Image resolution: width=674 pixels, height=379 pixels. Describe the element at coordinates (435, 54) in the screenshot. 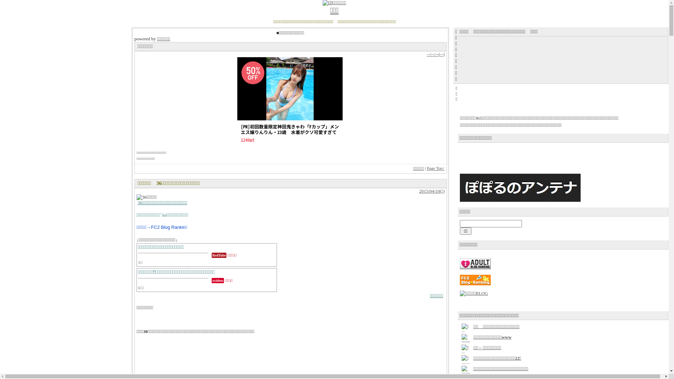

I see `'--/--/--(--)'` at that location.